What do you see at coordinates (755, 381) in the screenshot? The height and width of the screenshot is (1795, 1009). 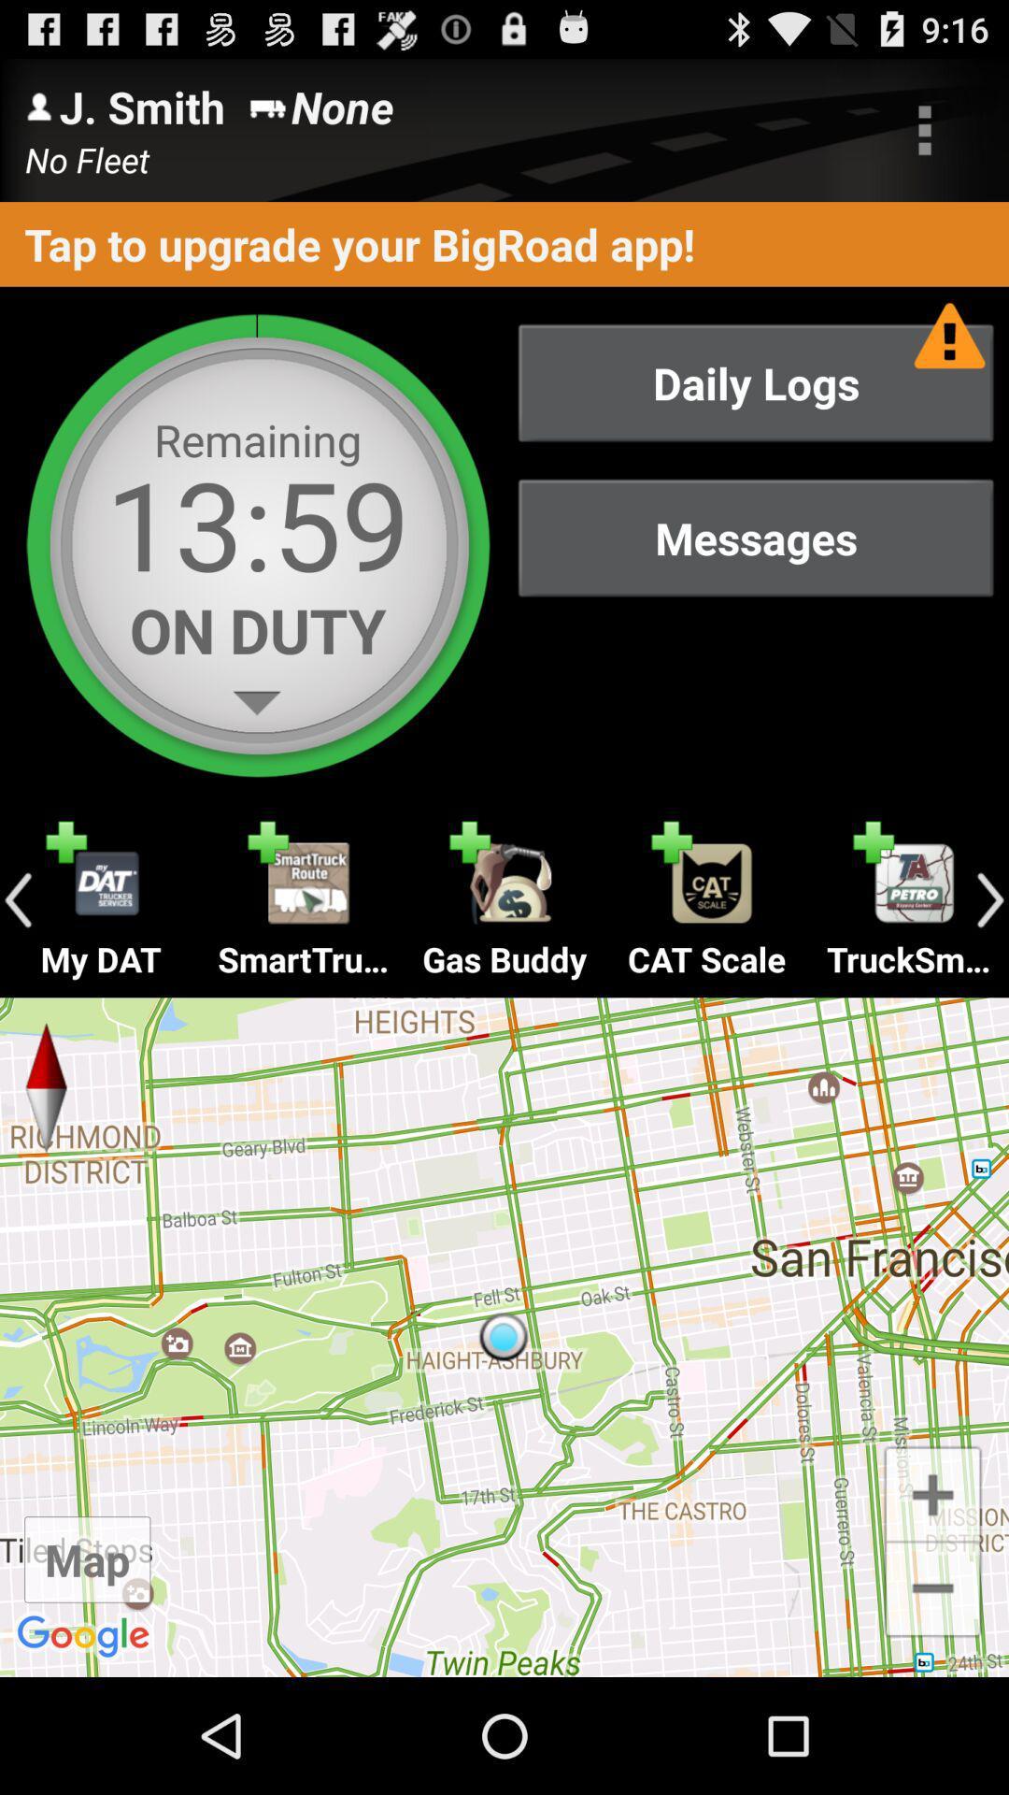 I see `daily logs item` at bounding box center [755, 381].